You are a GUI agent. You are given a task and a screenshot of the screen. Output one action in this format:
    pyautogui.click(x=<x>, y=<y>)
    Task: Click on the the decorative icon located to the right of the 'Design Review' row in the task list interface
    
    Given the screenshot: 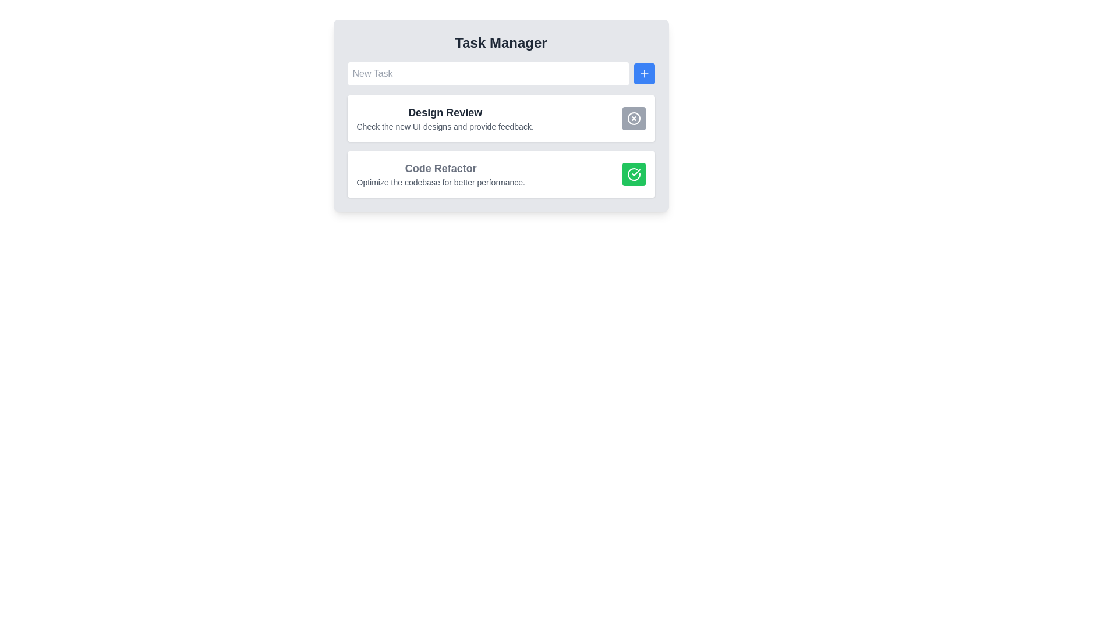 What is the action you would take?
    pyautogui.click(x=633, y=119)
    